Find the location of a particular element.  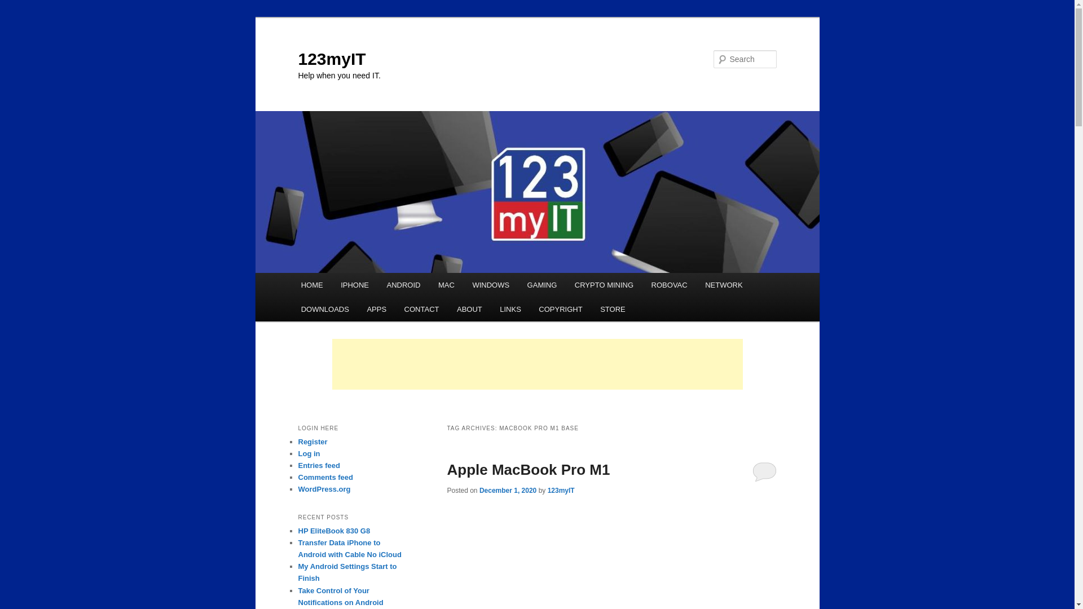

'ROBOVAC' is located at coordinates (669, 284).